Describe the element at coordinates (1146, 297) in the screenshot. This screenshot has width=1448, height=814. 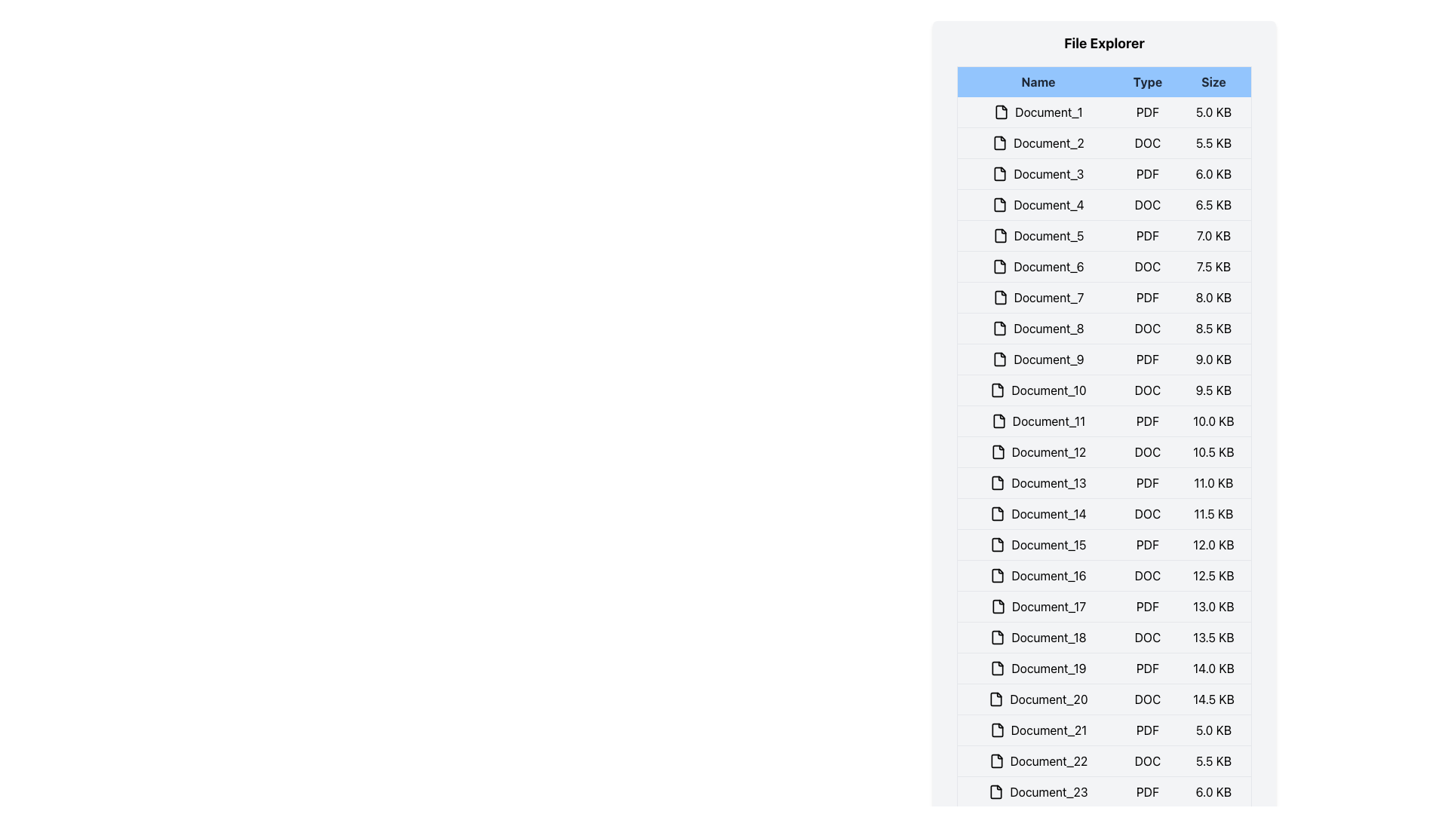
I see `the text label indicating the file type 'PDF' in the 'Type' column of the seventh row labeled 'Document_7', located between the 'Name' and 'Size' columns` at that location.